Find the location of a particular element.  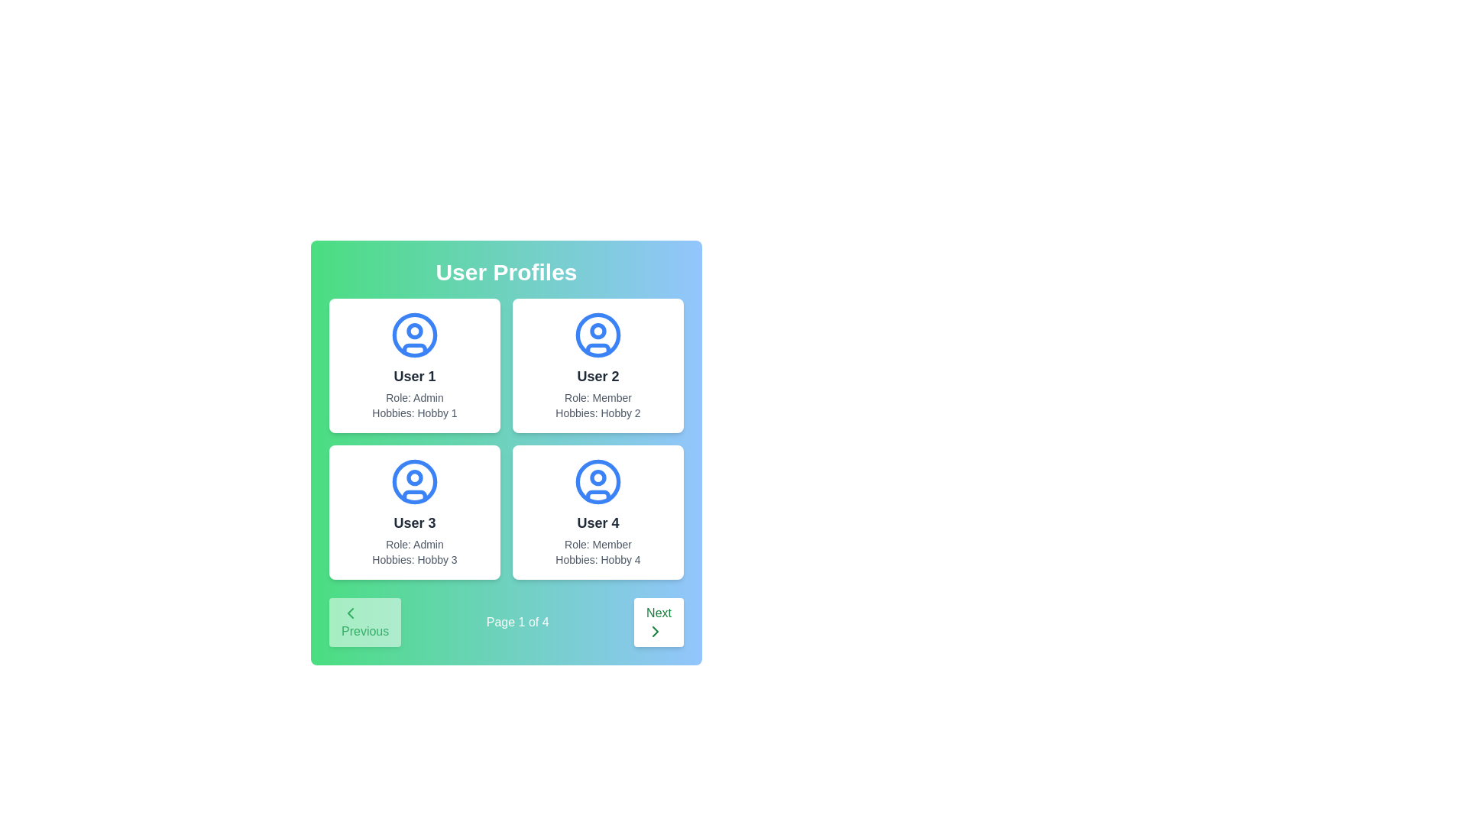

informational text label indicating the role of the user represented by the 'User 4' profile card located at the bottom-right of the grid is located at coordinates (597, 544).